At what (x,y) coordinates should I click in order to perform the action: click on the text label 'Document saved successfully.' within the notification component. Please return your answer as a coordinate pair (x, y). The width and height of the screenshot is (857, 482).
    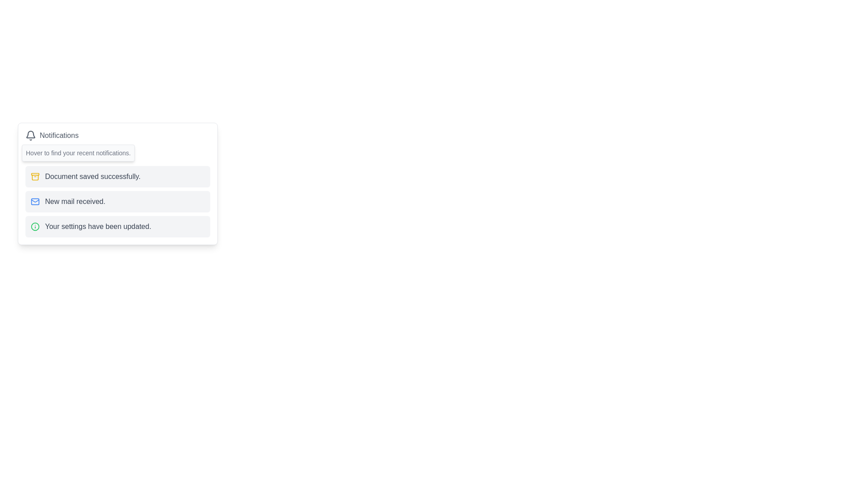
    Looking at the image, I should click on (92, 177).